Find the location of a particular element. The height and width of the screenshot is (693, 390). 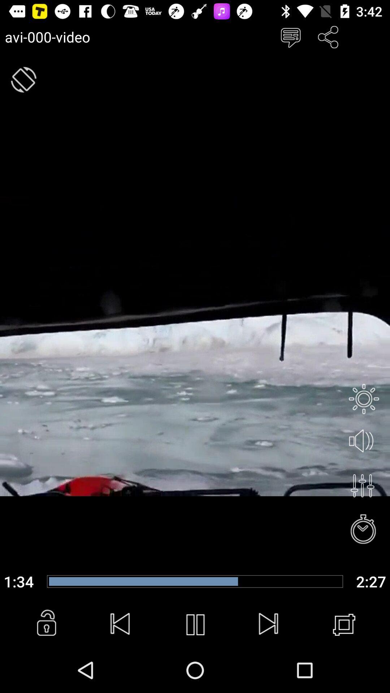

share button is located at coordinates (328, 36).